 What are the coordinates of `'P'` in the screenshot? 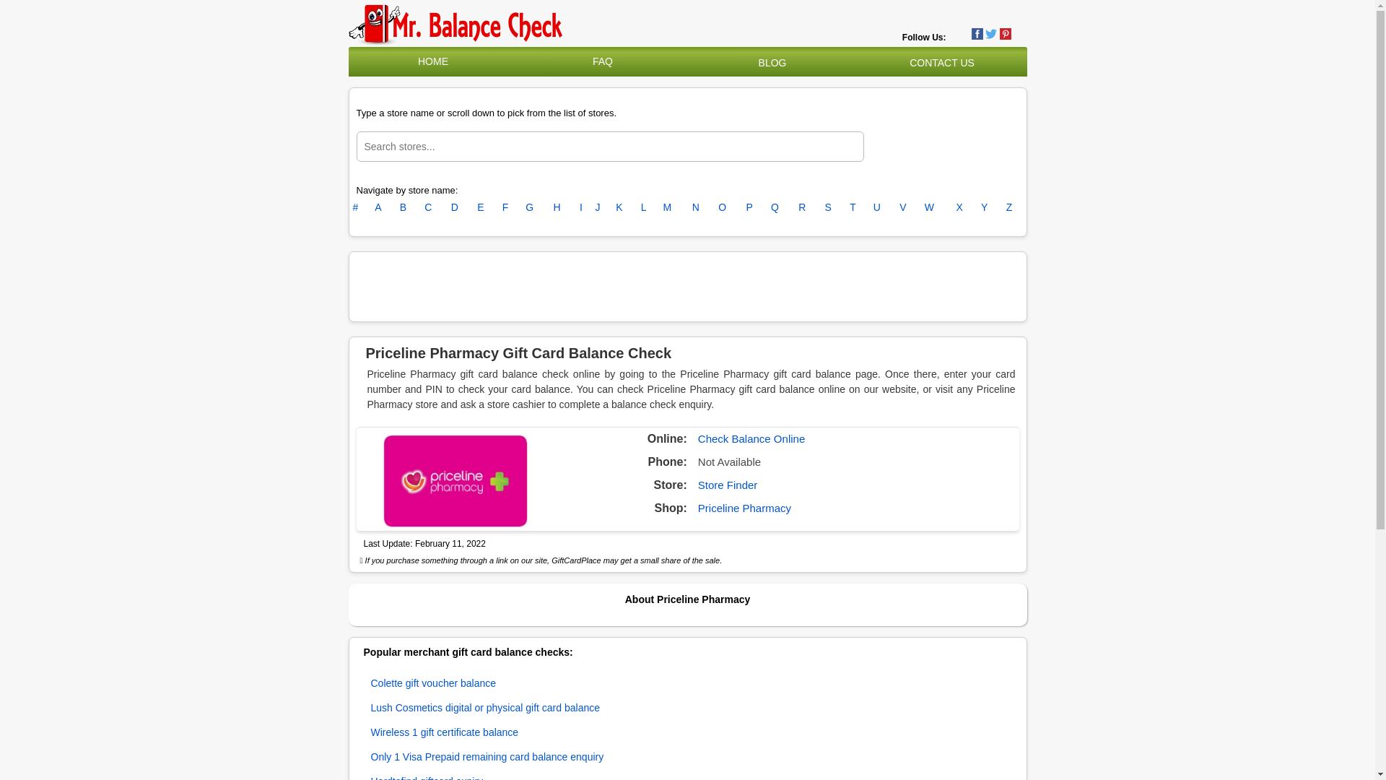 It's located at (749, 207).